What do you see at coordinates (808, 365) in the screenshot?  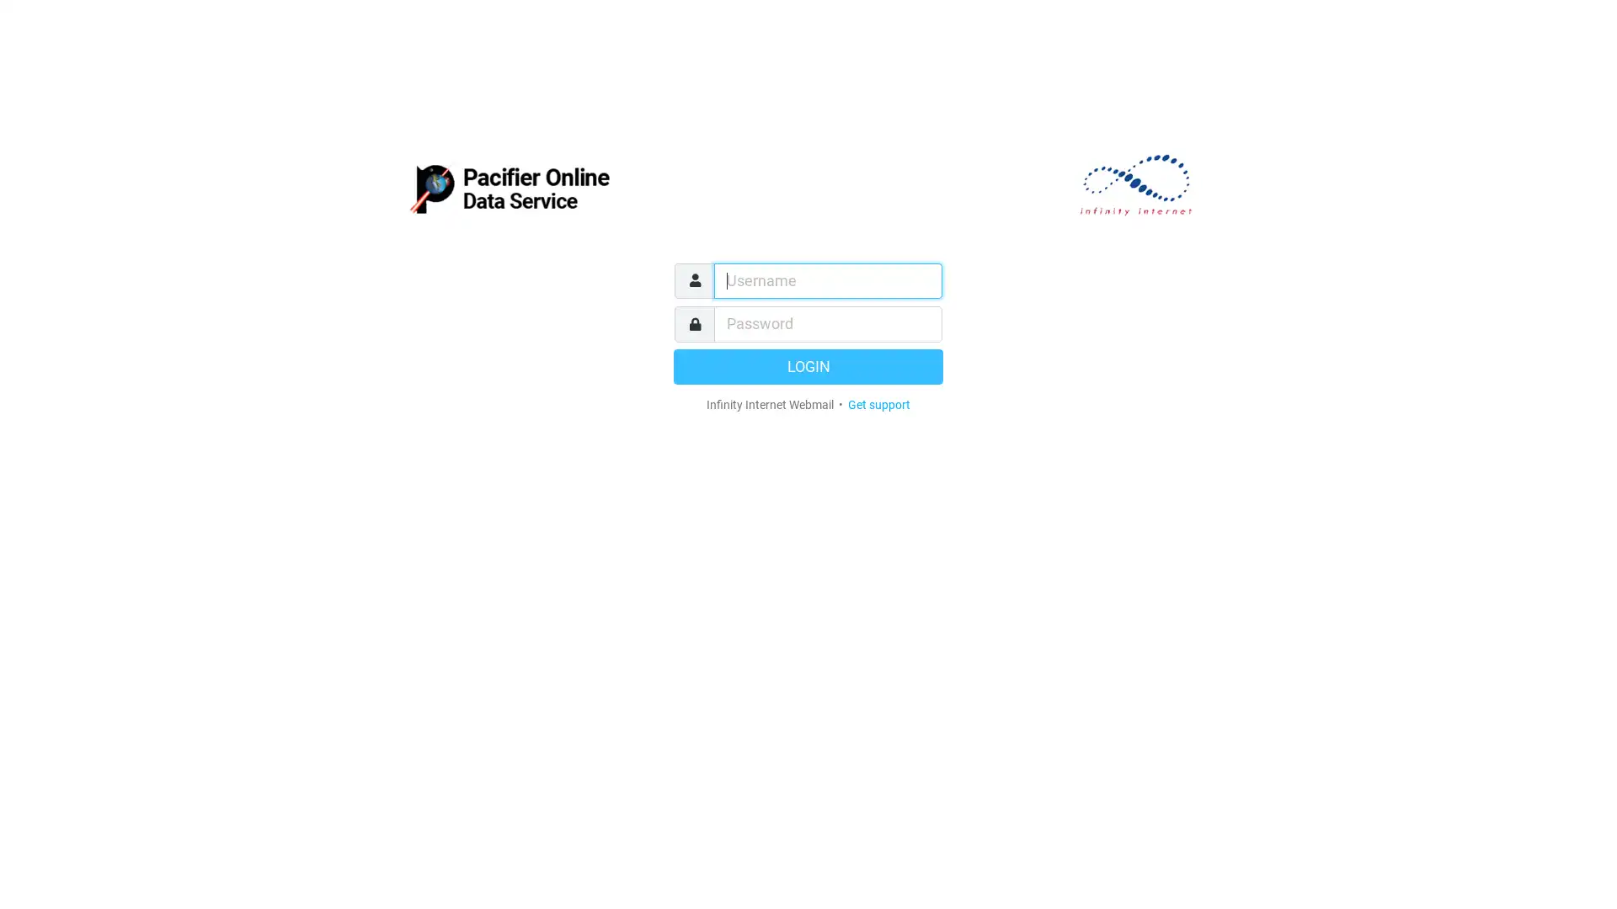 I see `LOGIN` at bounding box center [808, 365].